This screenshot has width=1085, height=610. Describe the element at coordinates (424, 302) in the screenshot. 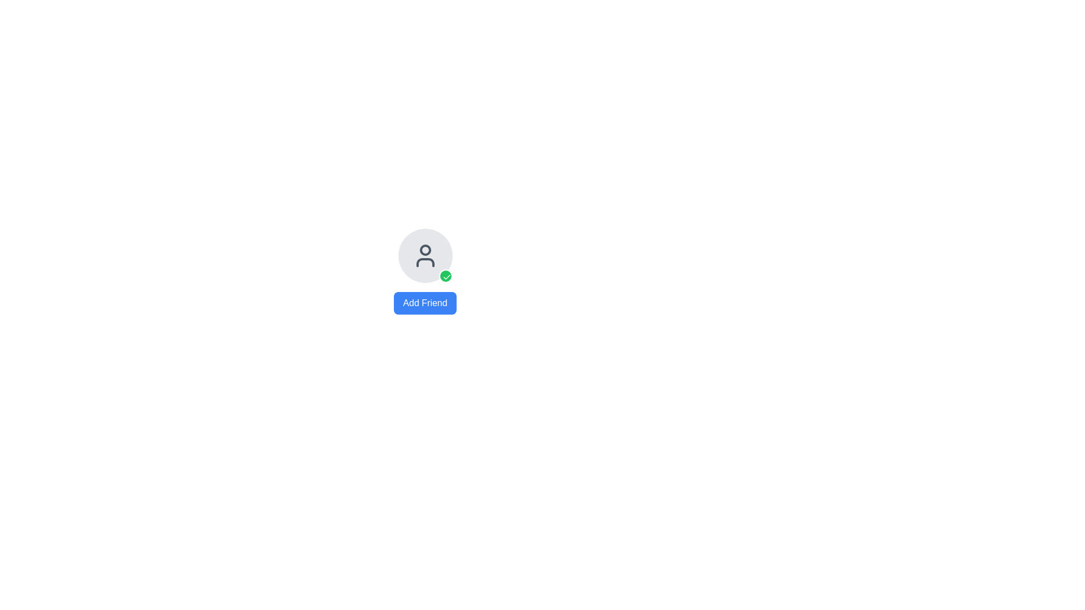

I see `the 'Add Friend' button located below the circular avatar graphic with a green status indicator to send a friend request` at that location.